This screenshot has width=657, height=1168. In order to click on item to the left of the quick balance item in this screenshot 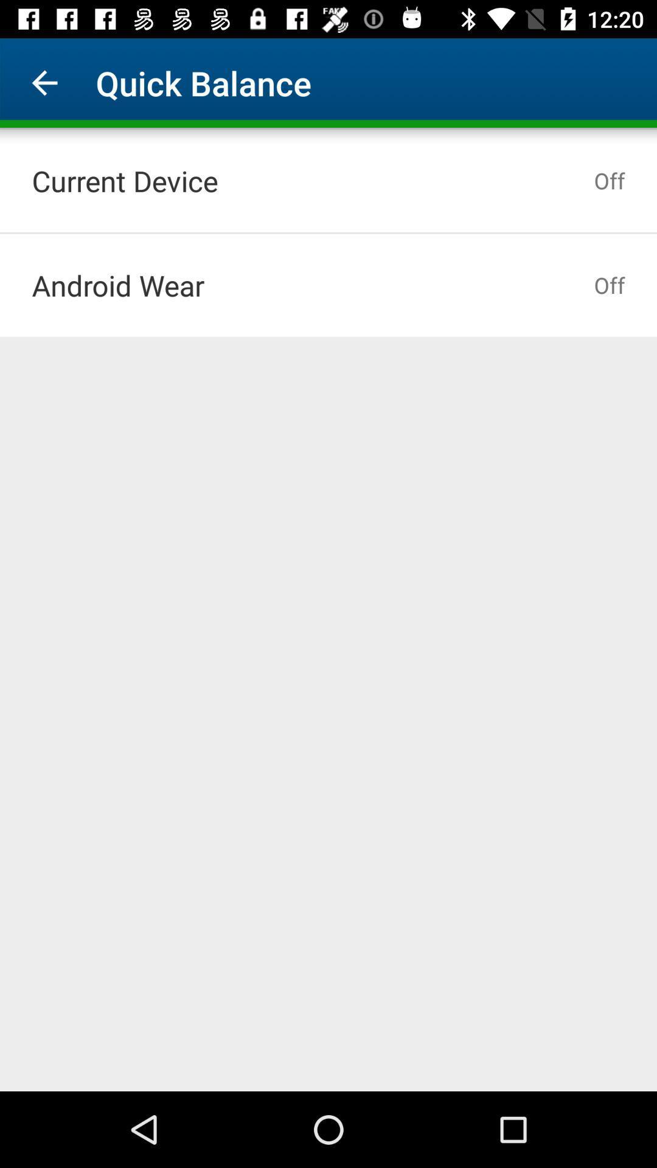, I will do `click(44, 82)`.